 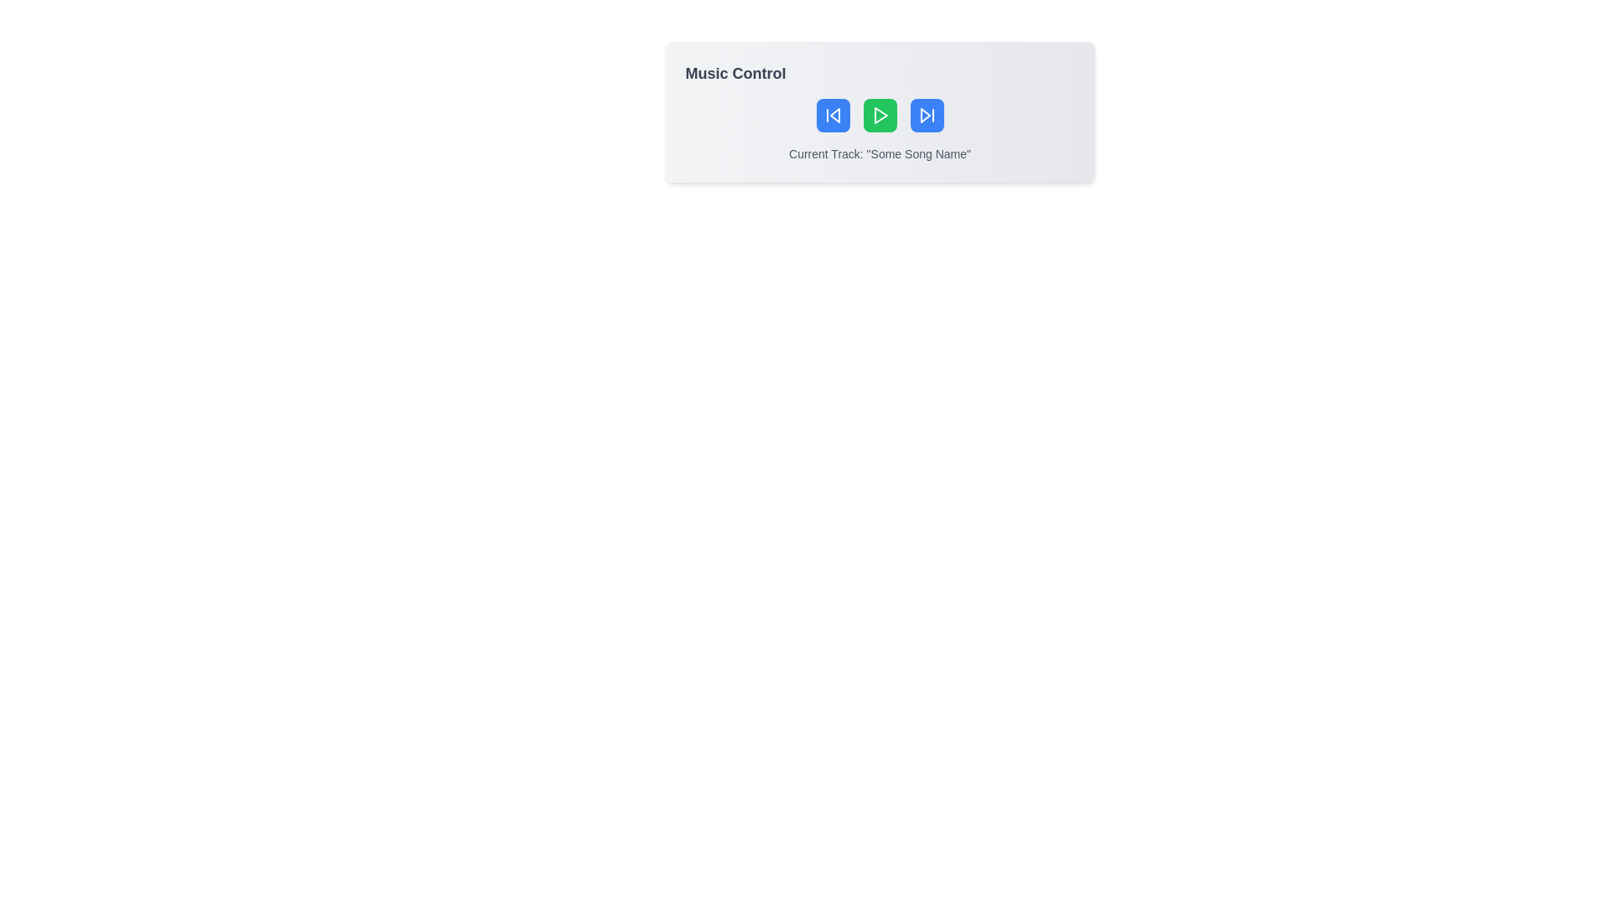 What do you see at coordinates (833, 115) in the screenshot?
I see `the 'Skip Back' button in the music player interface` at bounding box center [833, 115].